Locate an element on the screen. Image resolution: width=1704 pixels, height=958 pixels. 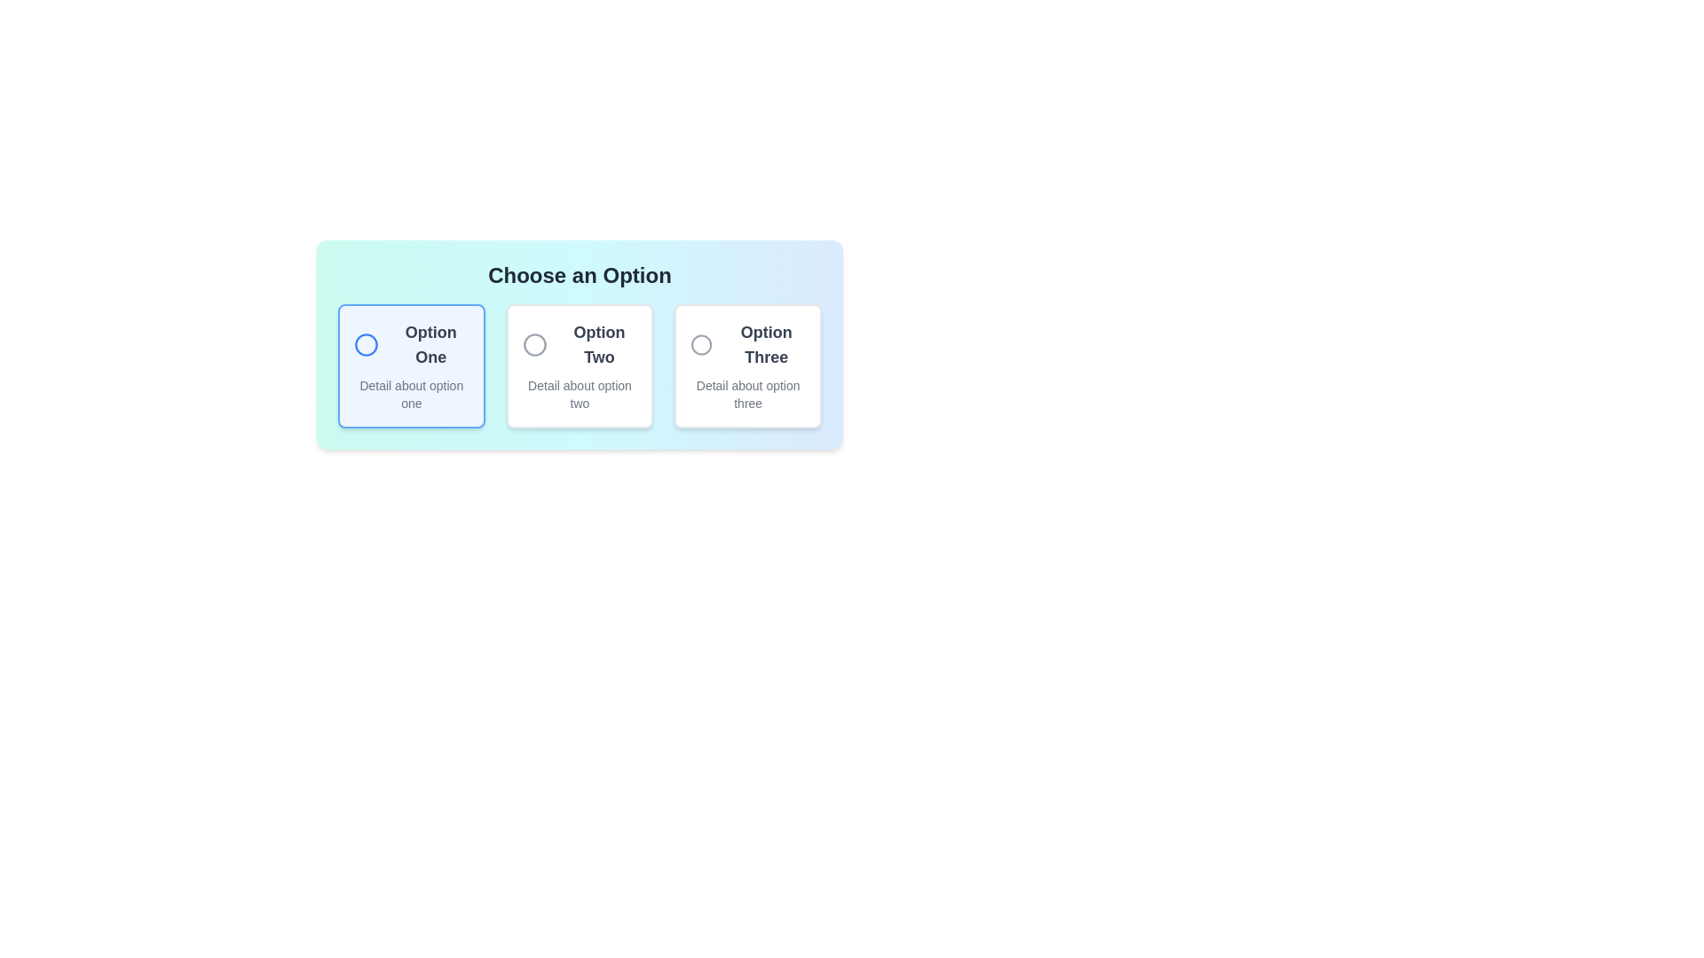
the radio button for 'Option Three' is located at coordinates (701, 345).